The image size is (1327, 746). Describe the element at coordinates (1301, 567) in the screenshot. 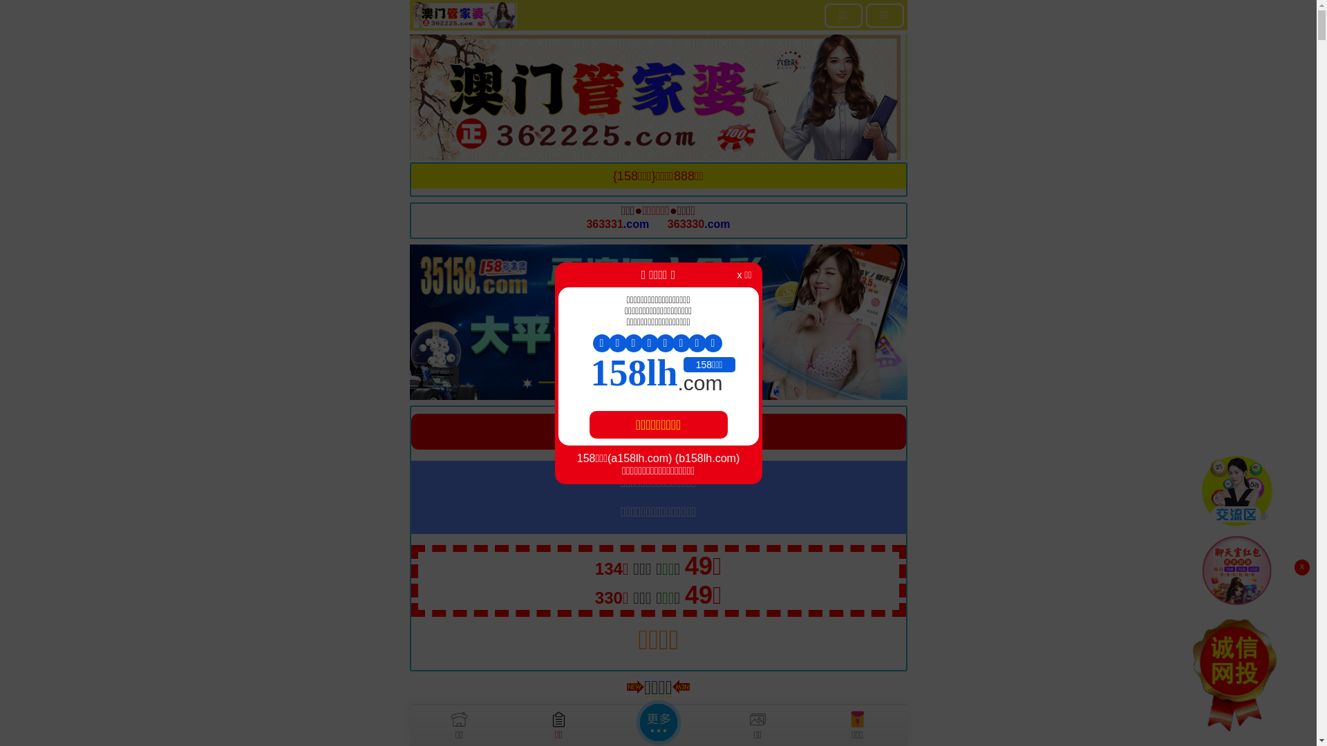

I see `'x'` at that location.